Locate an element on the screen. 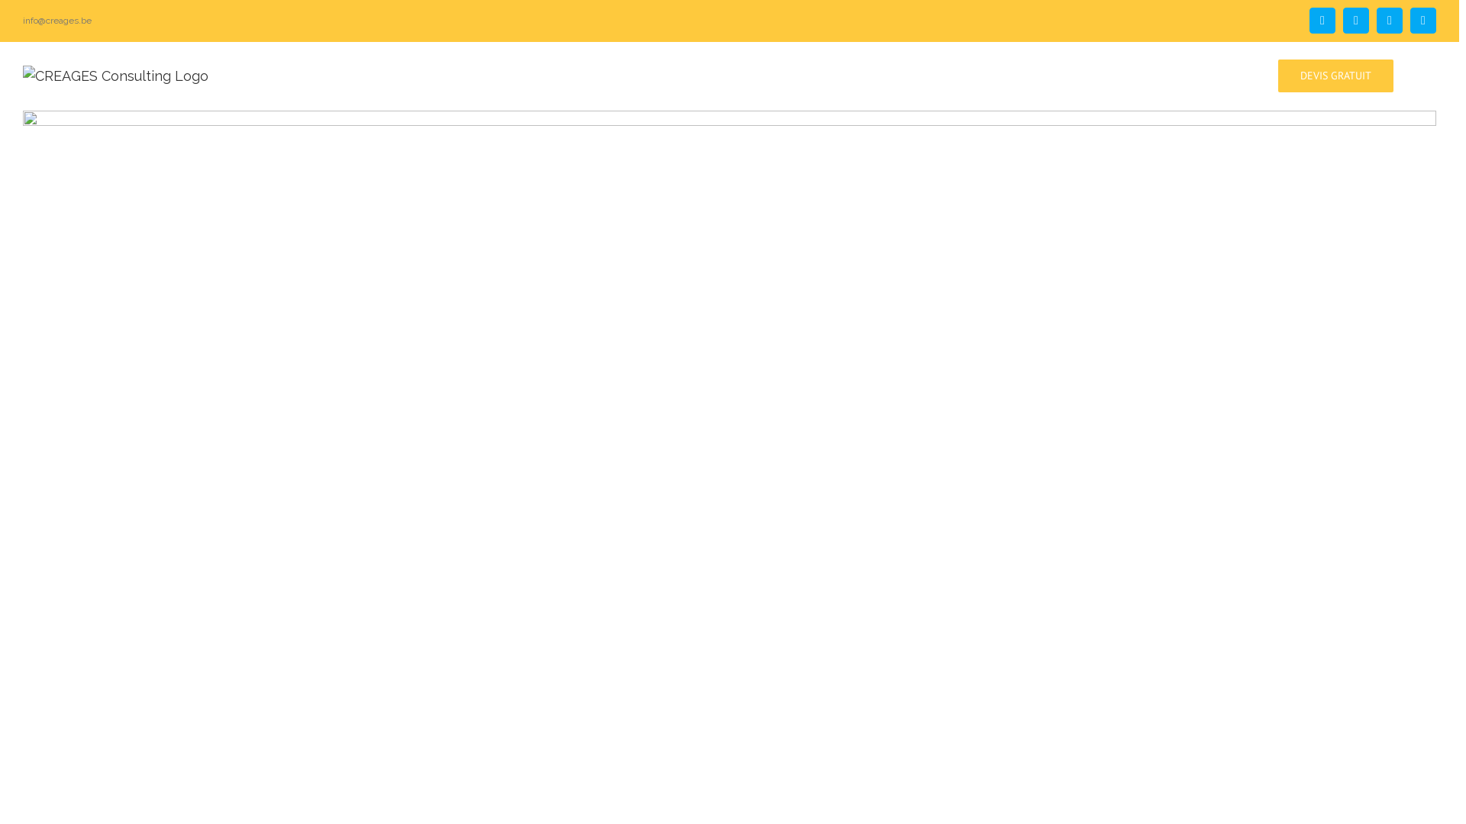 This screenshot has width=1466, height=824. 'FORMATION' is located at coordinates (894, 74).